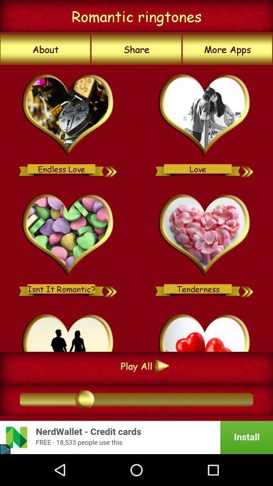 Image resolution: width=273 pixels, height=486 pixels. I want to click on ringtone, so click(247, 289).